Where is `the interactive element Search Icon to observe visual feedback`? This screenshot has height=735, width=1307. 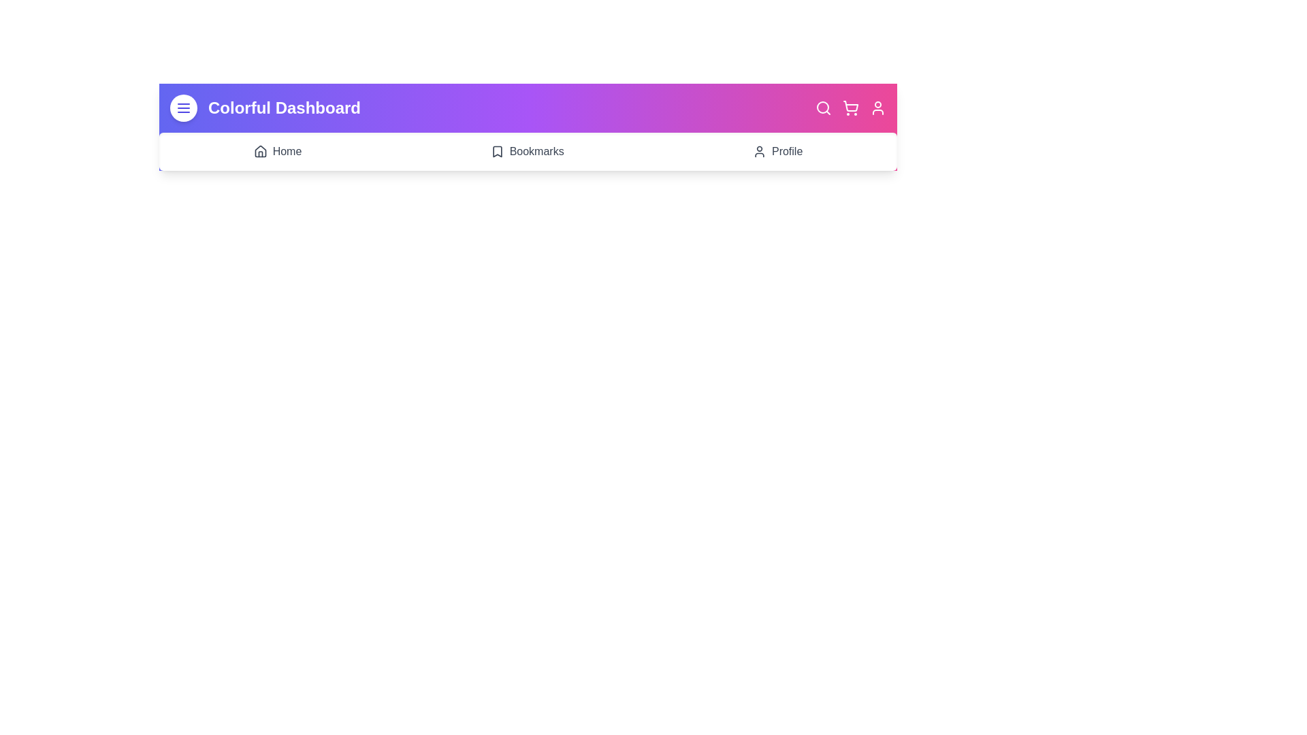
the interactive element Search Icon to observe visual feedback is located at coordinates (822, 107).